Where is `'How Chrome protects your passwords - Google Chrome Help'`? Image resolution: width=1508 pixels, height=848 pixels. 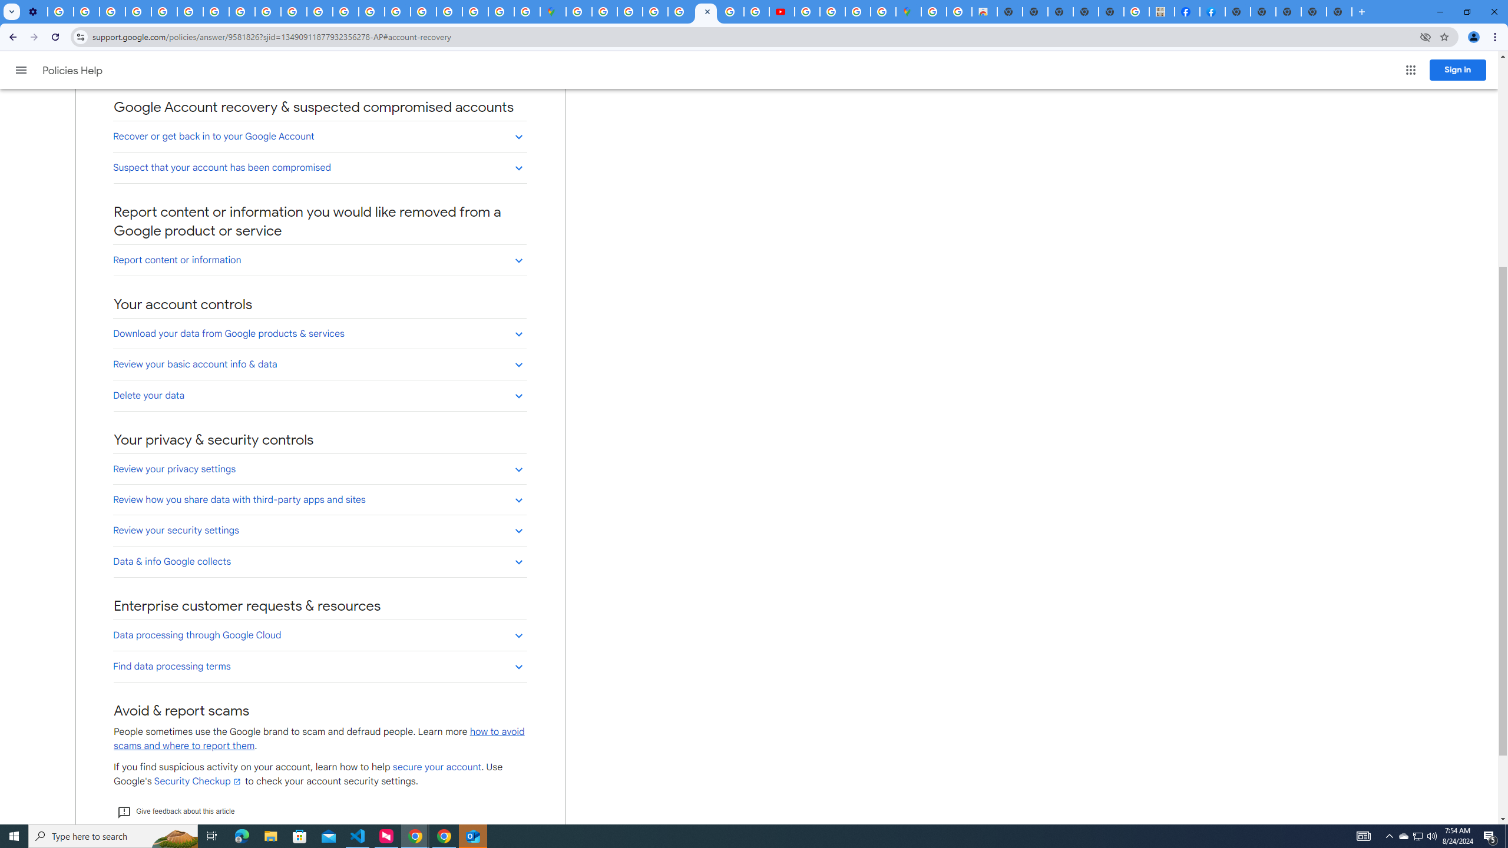 'How Chrome protects your passwords - Google Chrome Help' is located at coordinates (806, 11).